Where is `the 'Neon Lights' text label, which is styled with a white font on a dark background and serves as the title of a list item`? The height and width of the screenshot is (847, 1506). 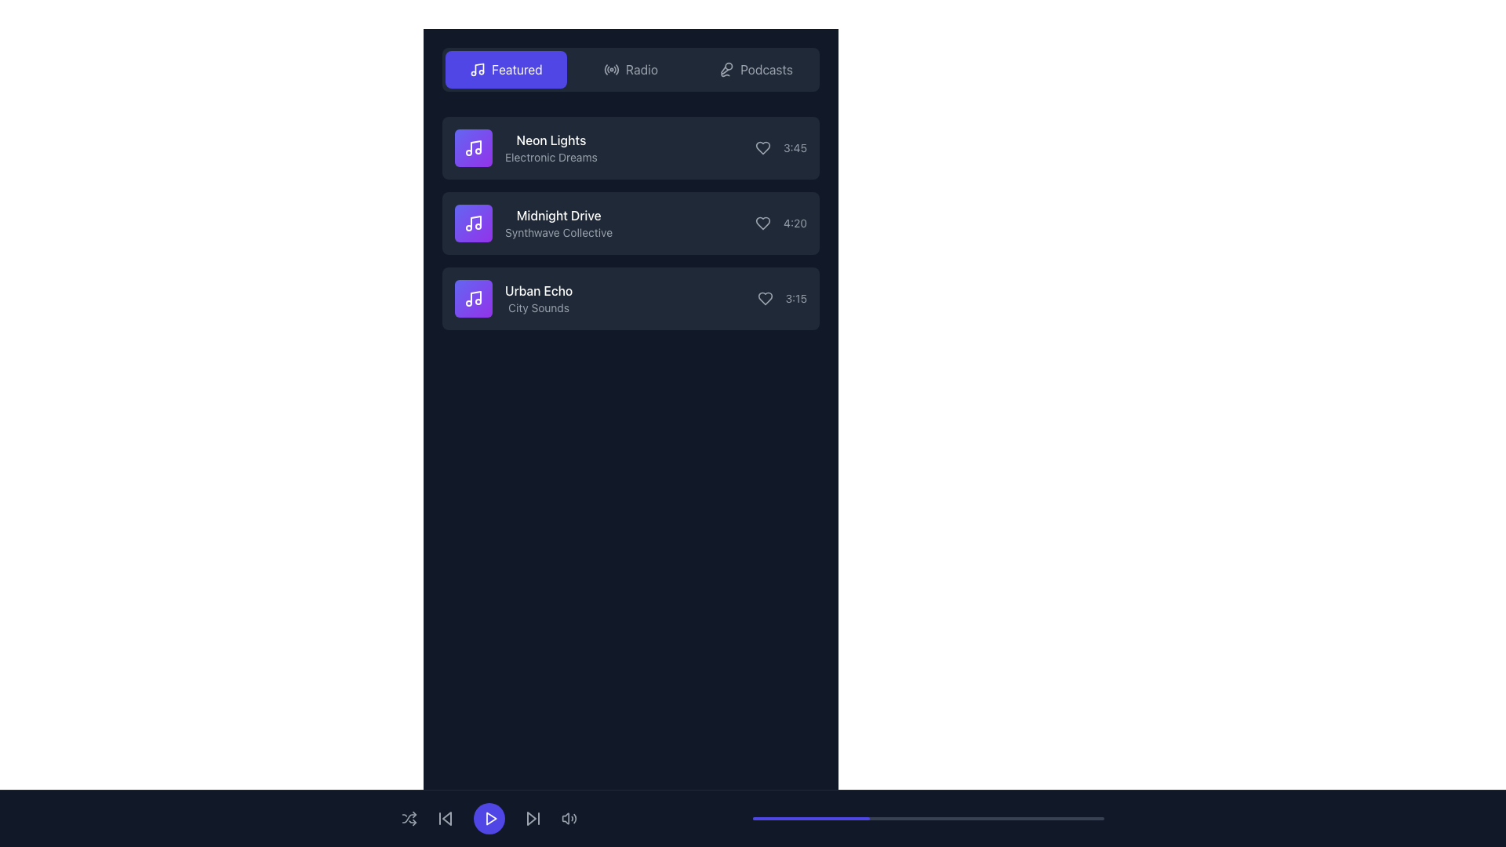 the 'Neon Lights' text label, which is styled with a white font on a dark background and serves as the title of a list item is located at coordinates (551, 139).